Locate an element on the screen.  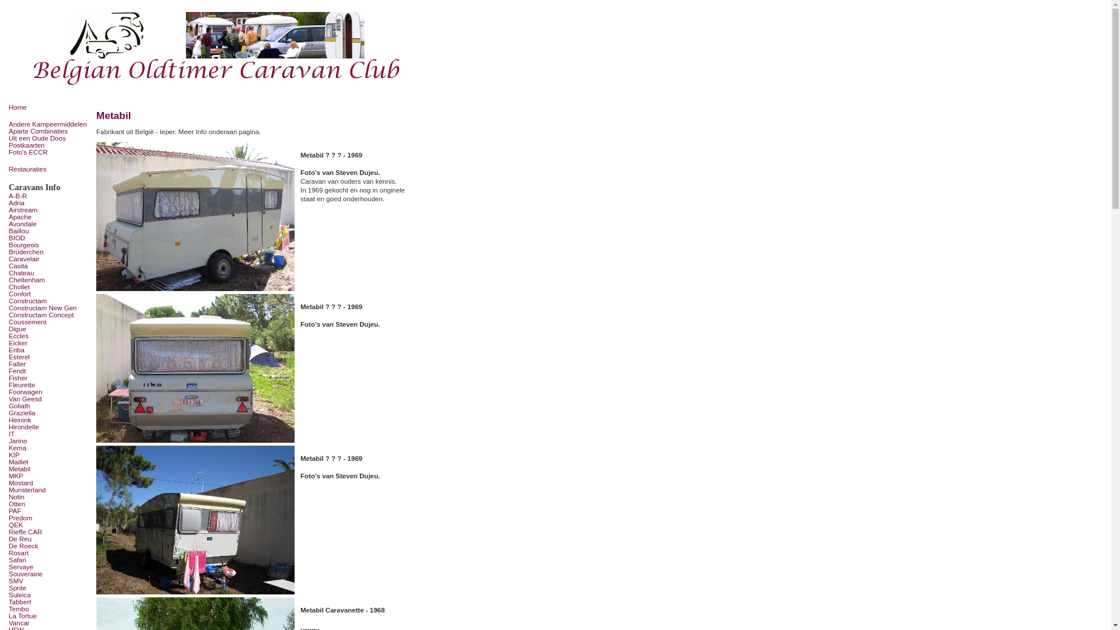
'Eccles' is located at coordinates (49, 335).